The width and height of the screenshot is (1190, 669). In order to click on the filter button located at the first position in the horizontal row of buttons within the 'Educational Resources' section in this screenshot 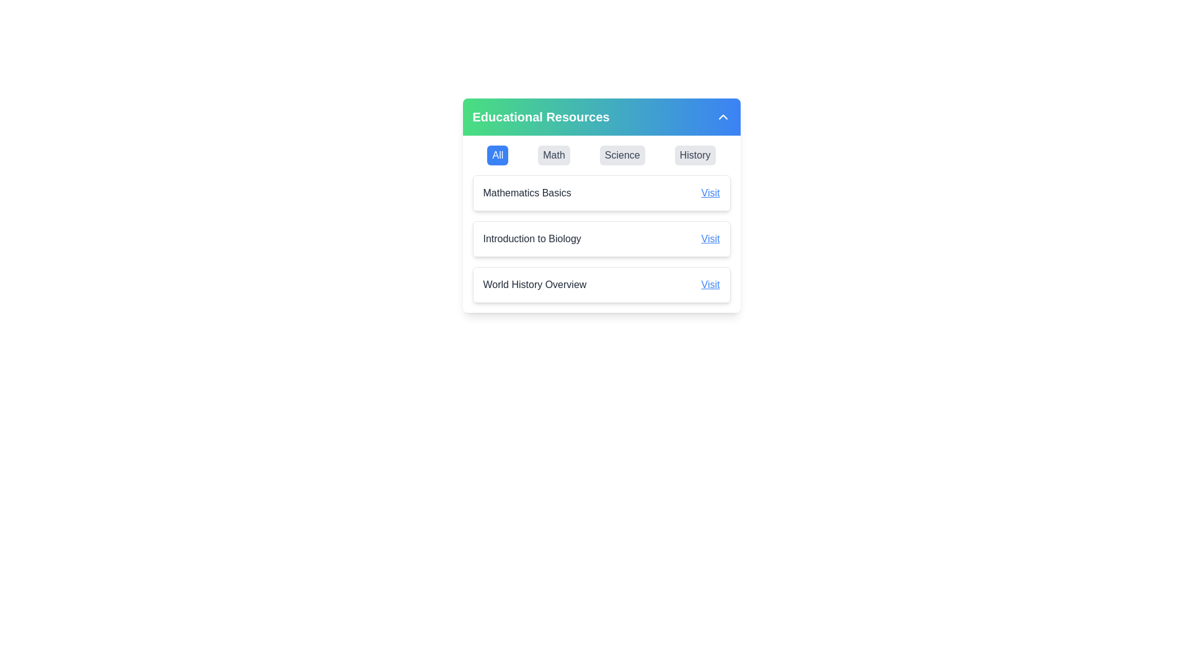, I will do `click(498, 154)`.